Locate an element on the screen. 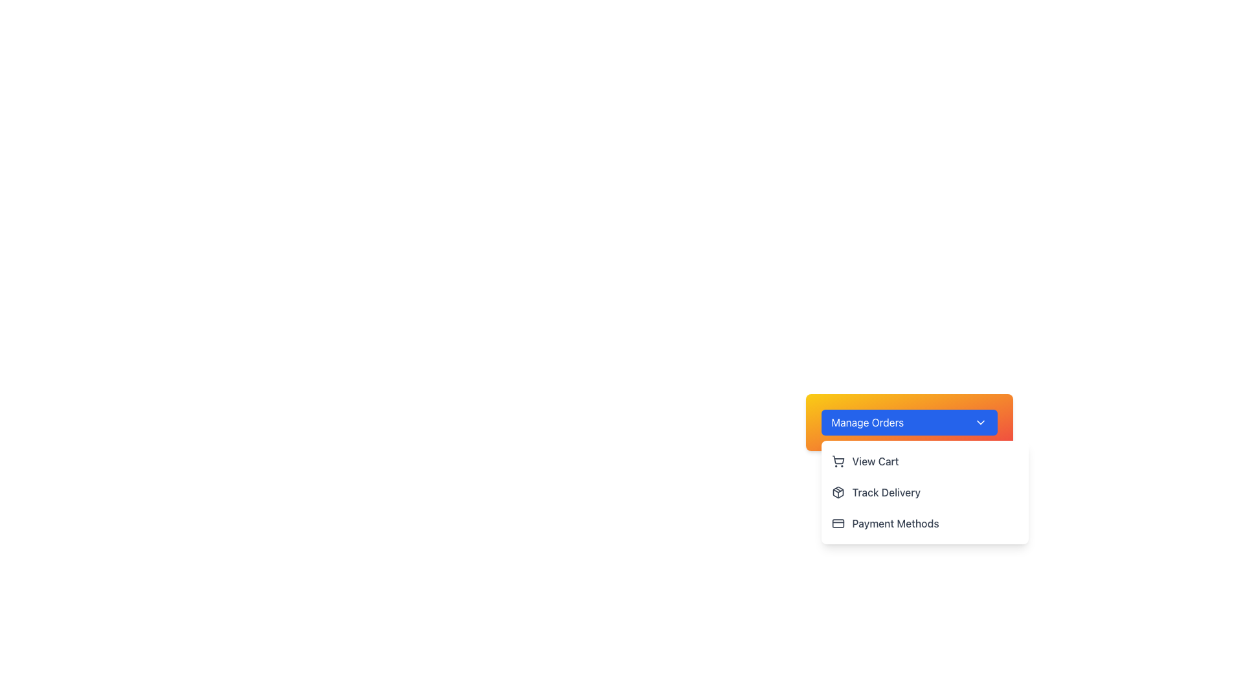  the credit card icon, which is a minimalistic SVG glyph with a rectangular outline and rounded corners, located at the start of the 'Payment Methods' list item is located at coordinates (838, 523).